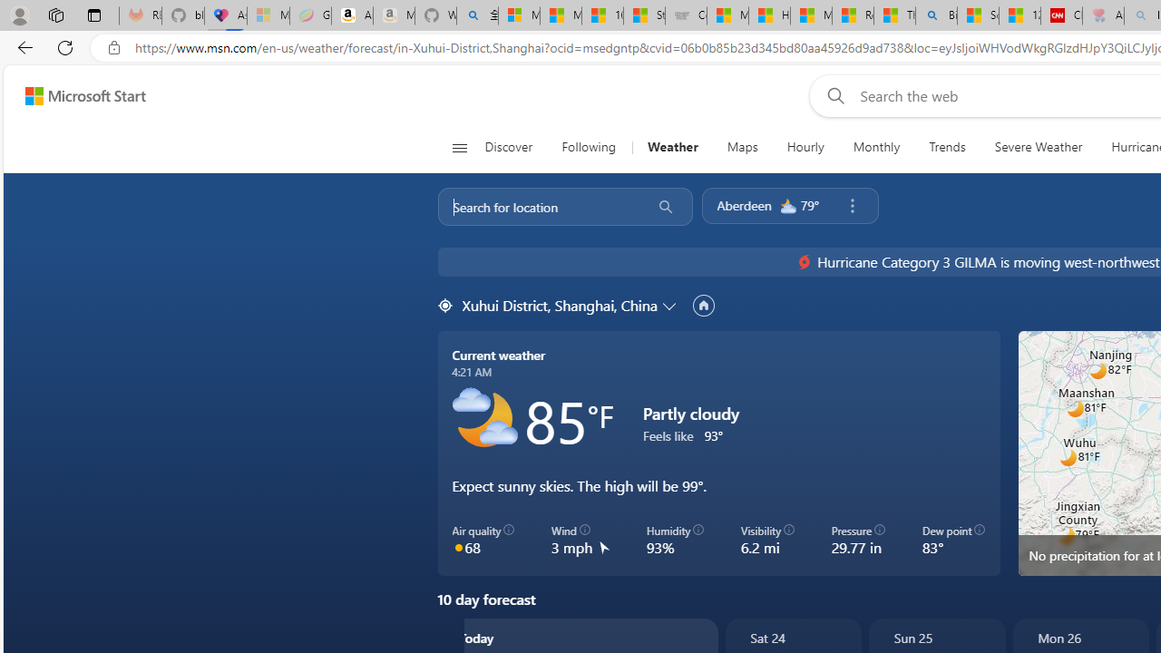  What do you see at coordinates (742, 147) in the screenshot?
I see `'Maps'` at bounding box center [742, 147].